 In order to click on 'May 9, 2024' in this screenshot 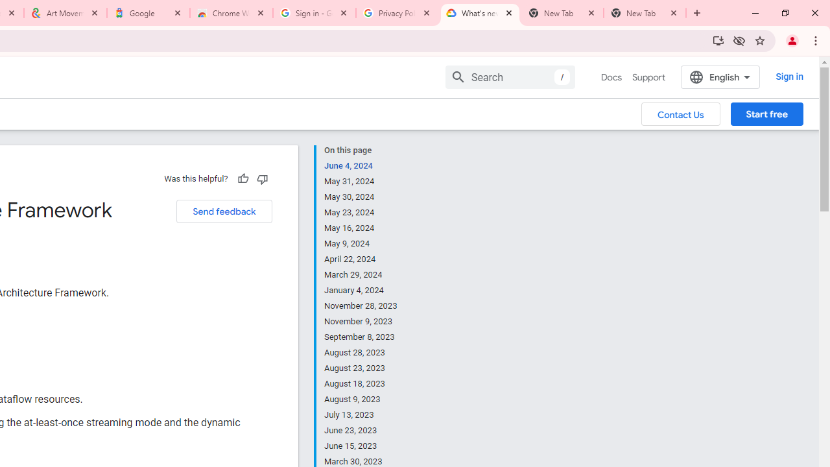, I will do `click(361, 244)`.